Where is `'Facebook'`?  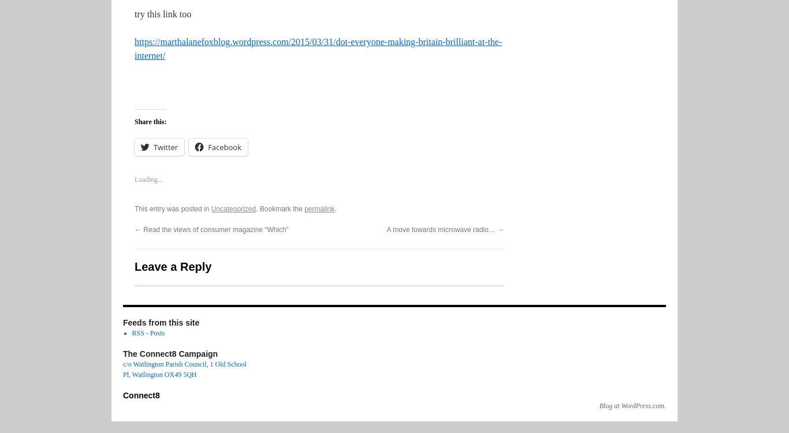
'Facebook' is located at coordinates (207, 147).